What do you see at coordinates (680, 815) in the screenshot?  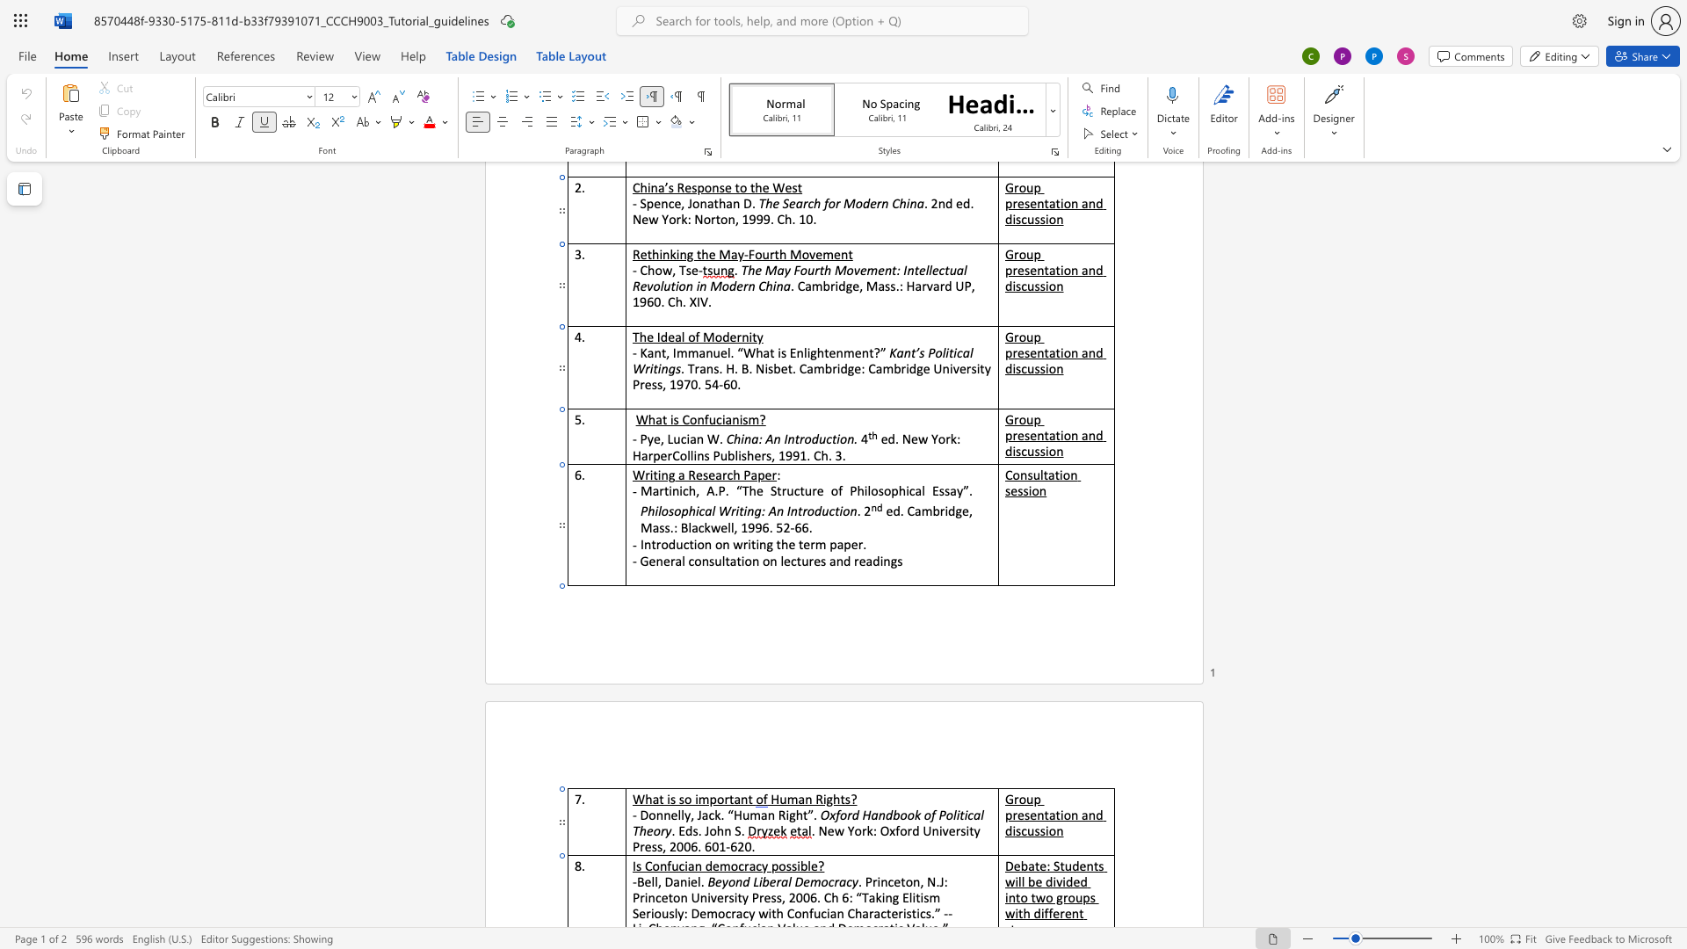 I see `the space between the continuous character "l" and "l" in the text` at bounding box center [680, 815].